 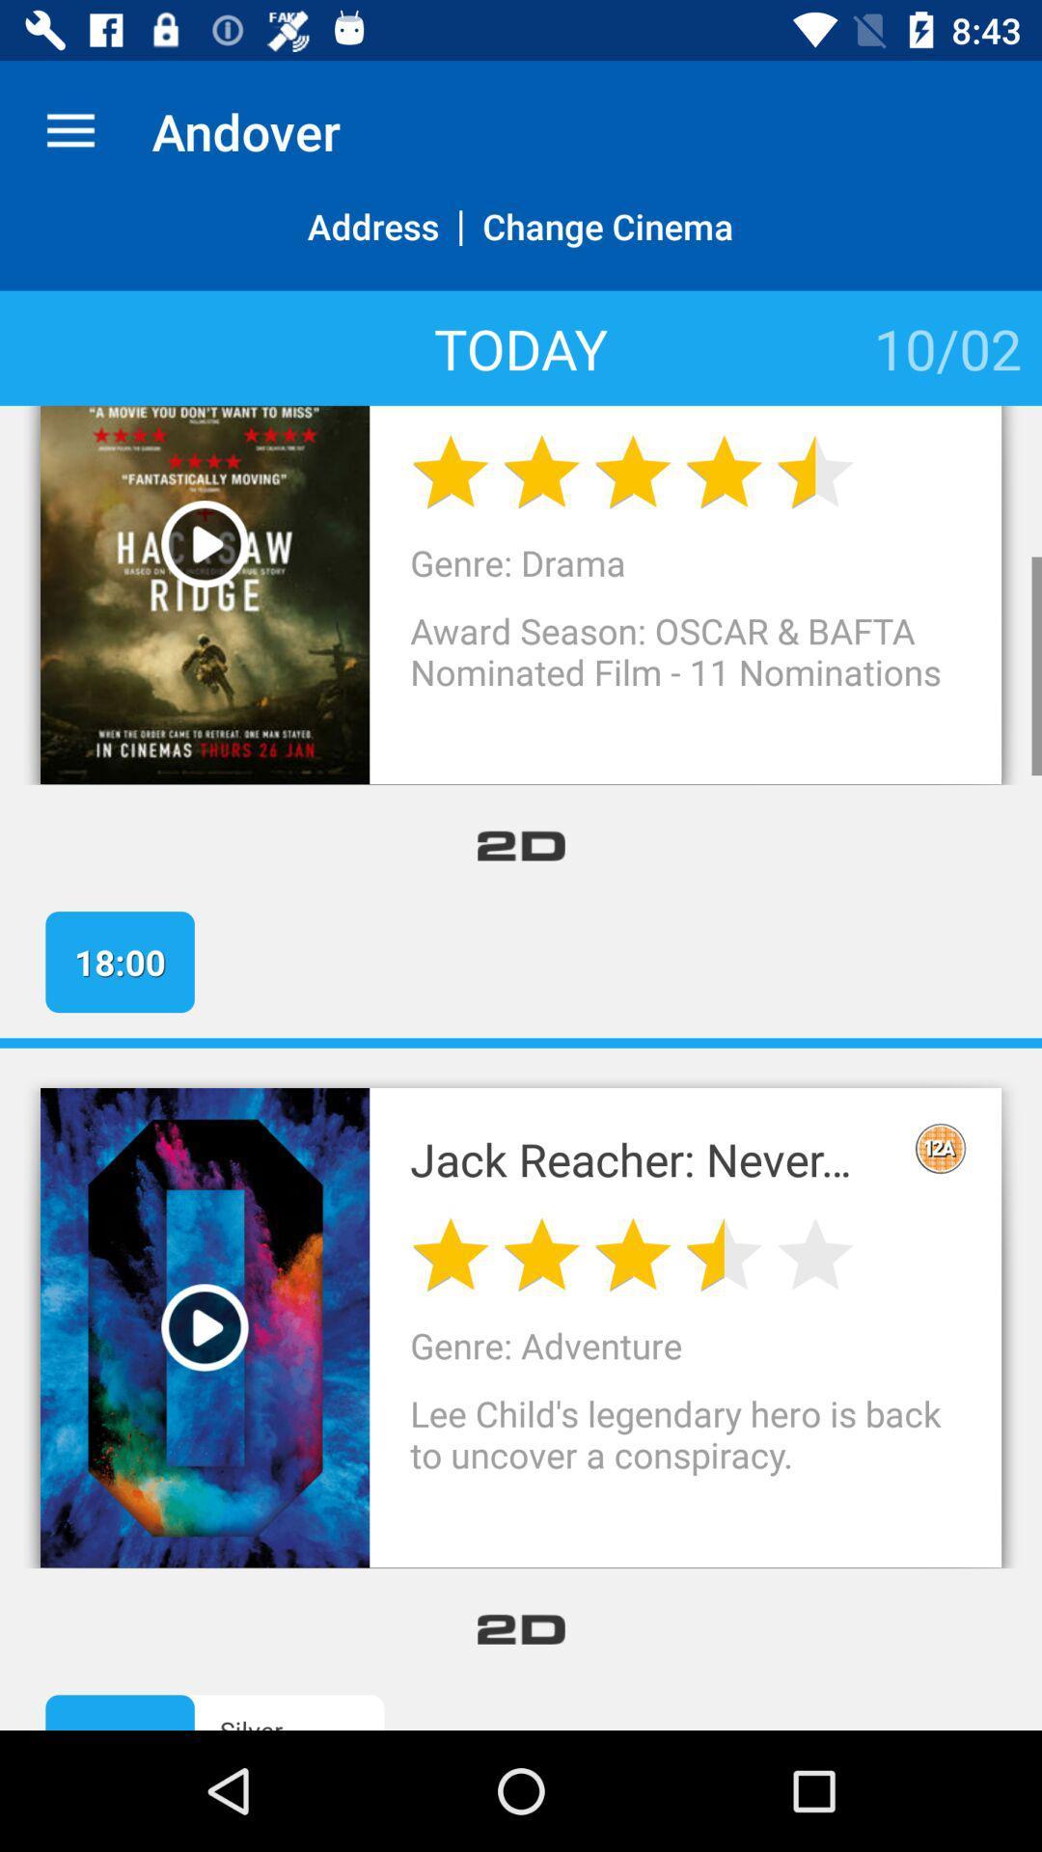 I want to click on the item to the right of the 14:00 item, so click(x=318, y=1722).